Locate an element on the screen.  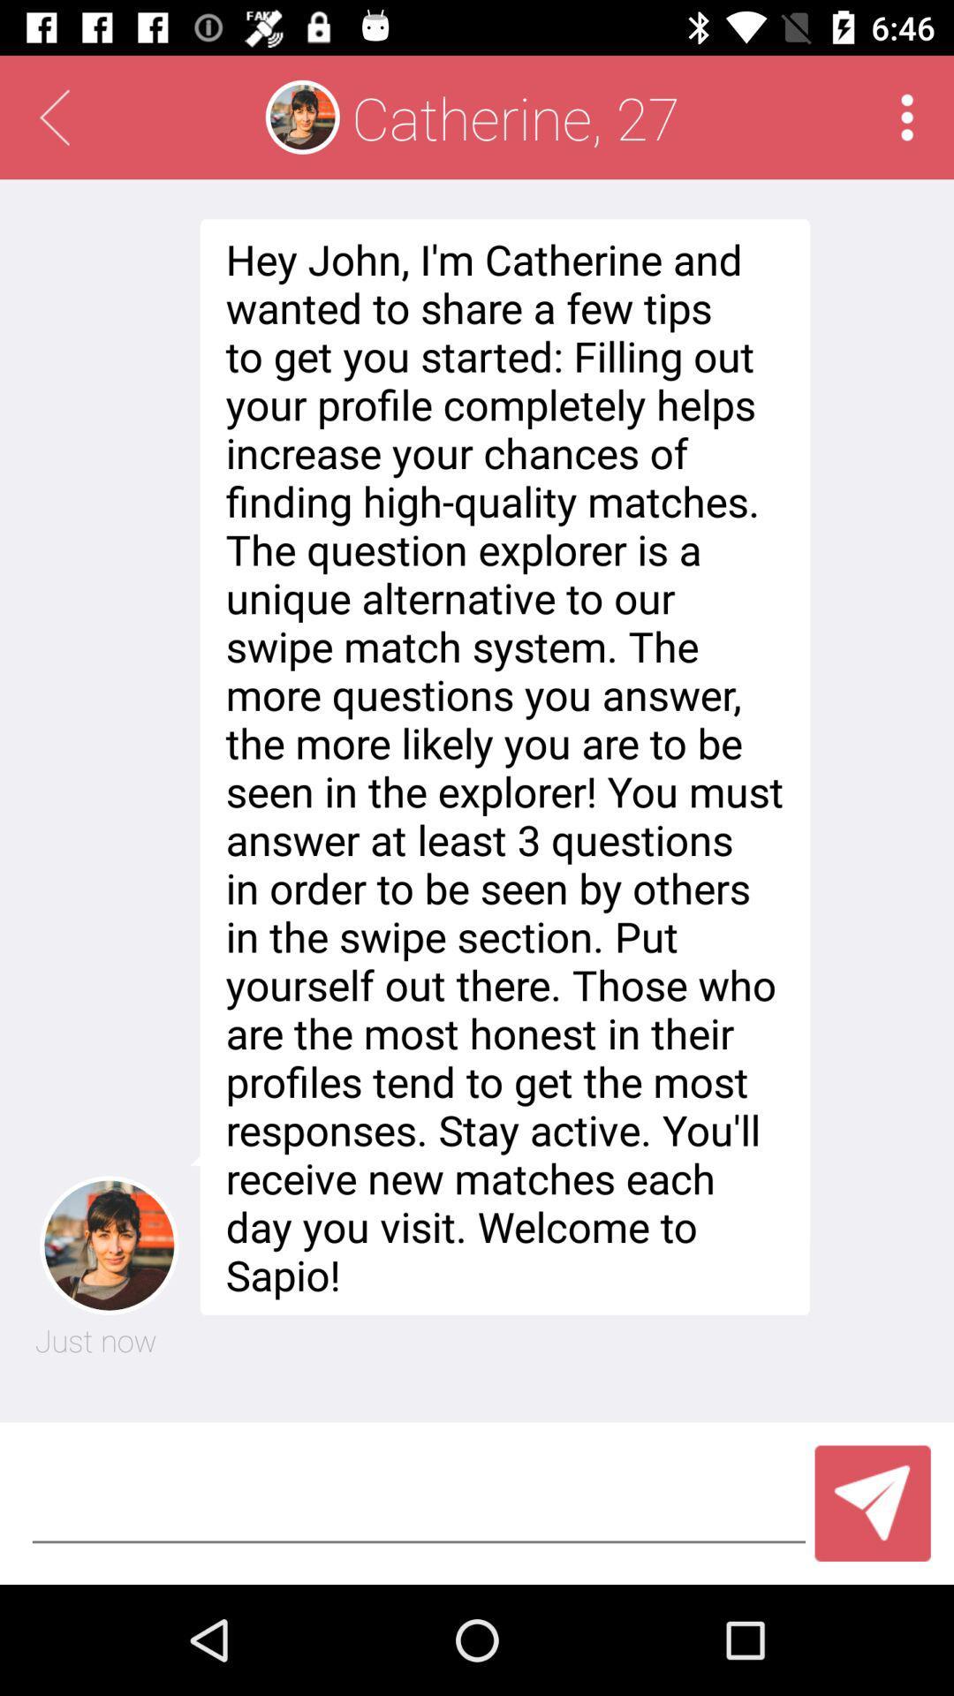
app below hey john i icon is located at coordinates (872, 1503).